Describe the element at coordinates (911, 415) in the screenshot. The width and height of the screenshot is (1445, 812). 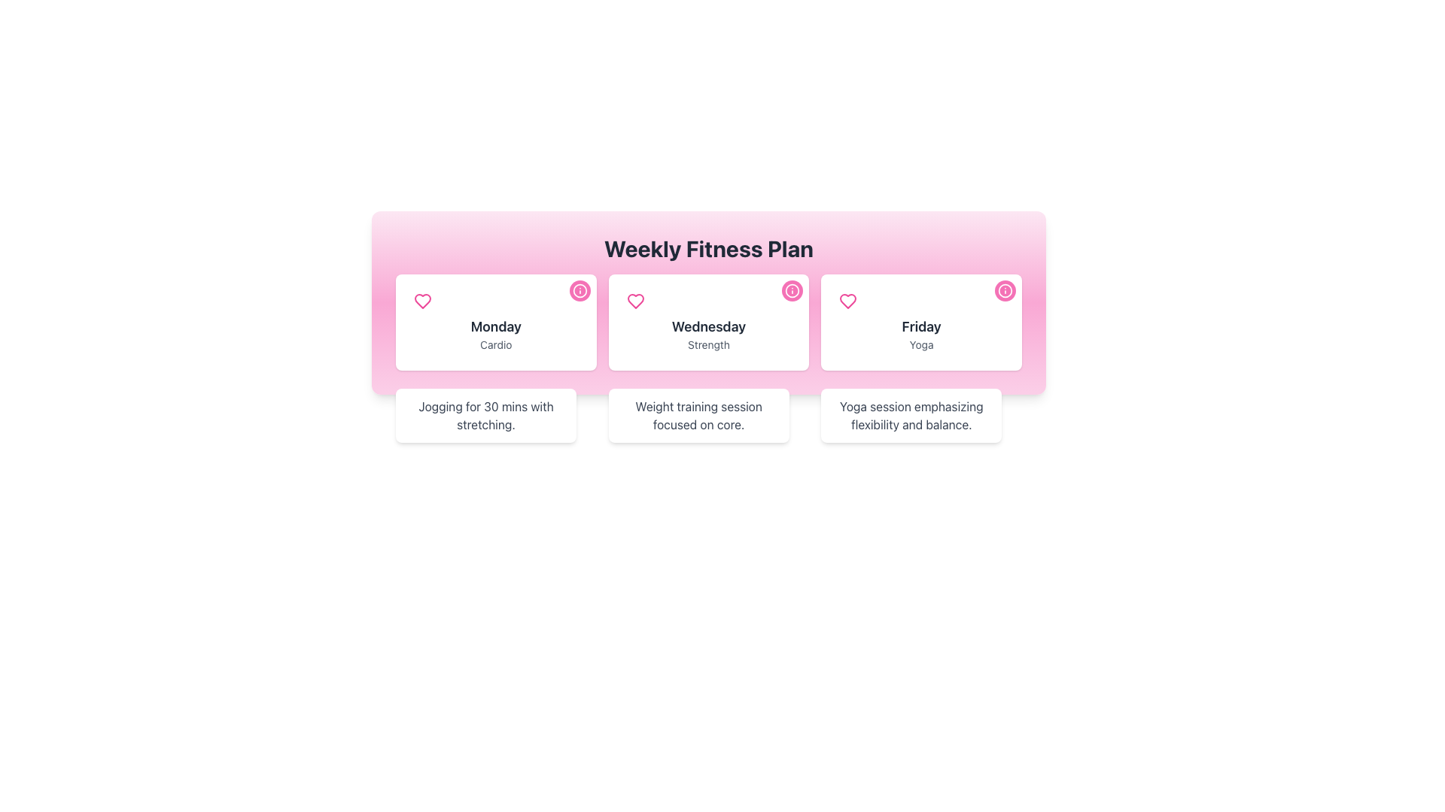
I see `the text box that provides additional descriptive information about the yoga session scheduled for Friday, located below the 'Friday' card in the 'Weekly Fitness Plan' layout` at that location.